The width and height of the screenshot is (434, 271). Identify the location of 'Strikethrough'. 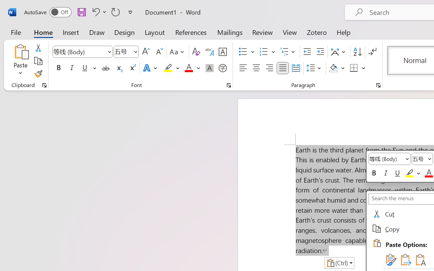
(105, 68).